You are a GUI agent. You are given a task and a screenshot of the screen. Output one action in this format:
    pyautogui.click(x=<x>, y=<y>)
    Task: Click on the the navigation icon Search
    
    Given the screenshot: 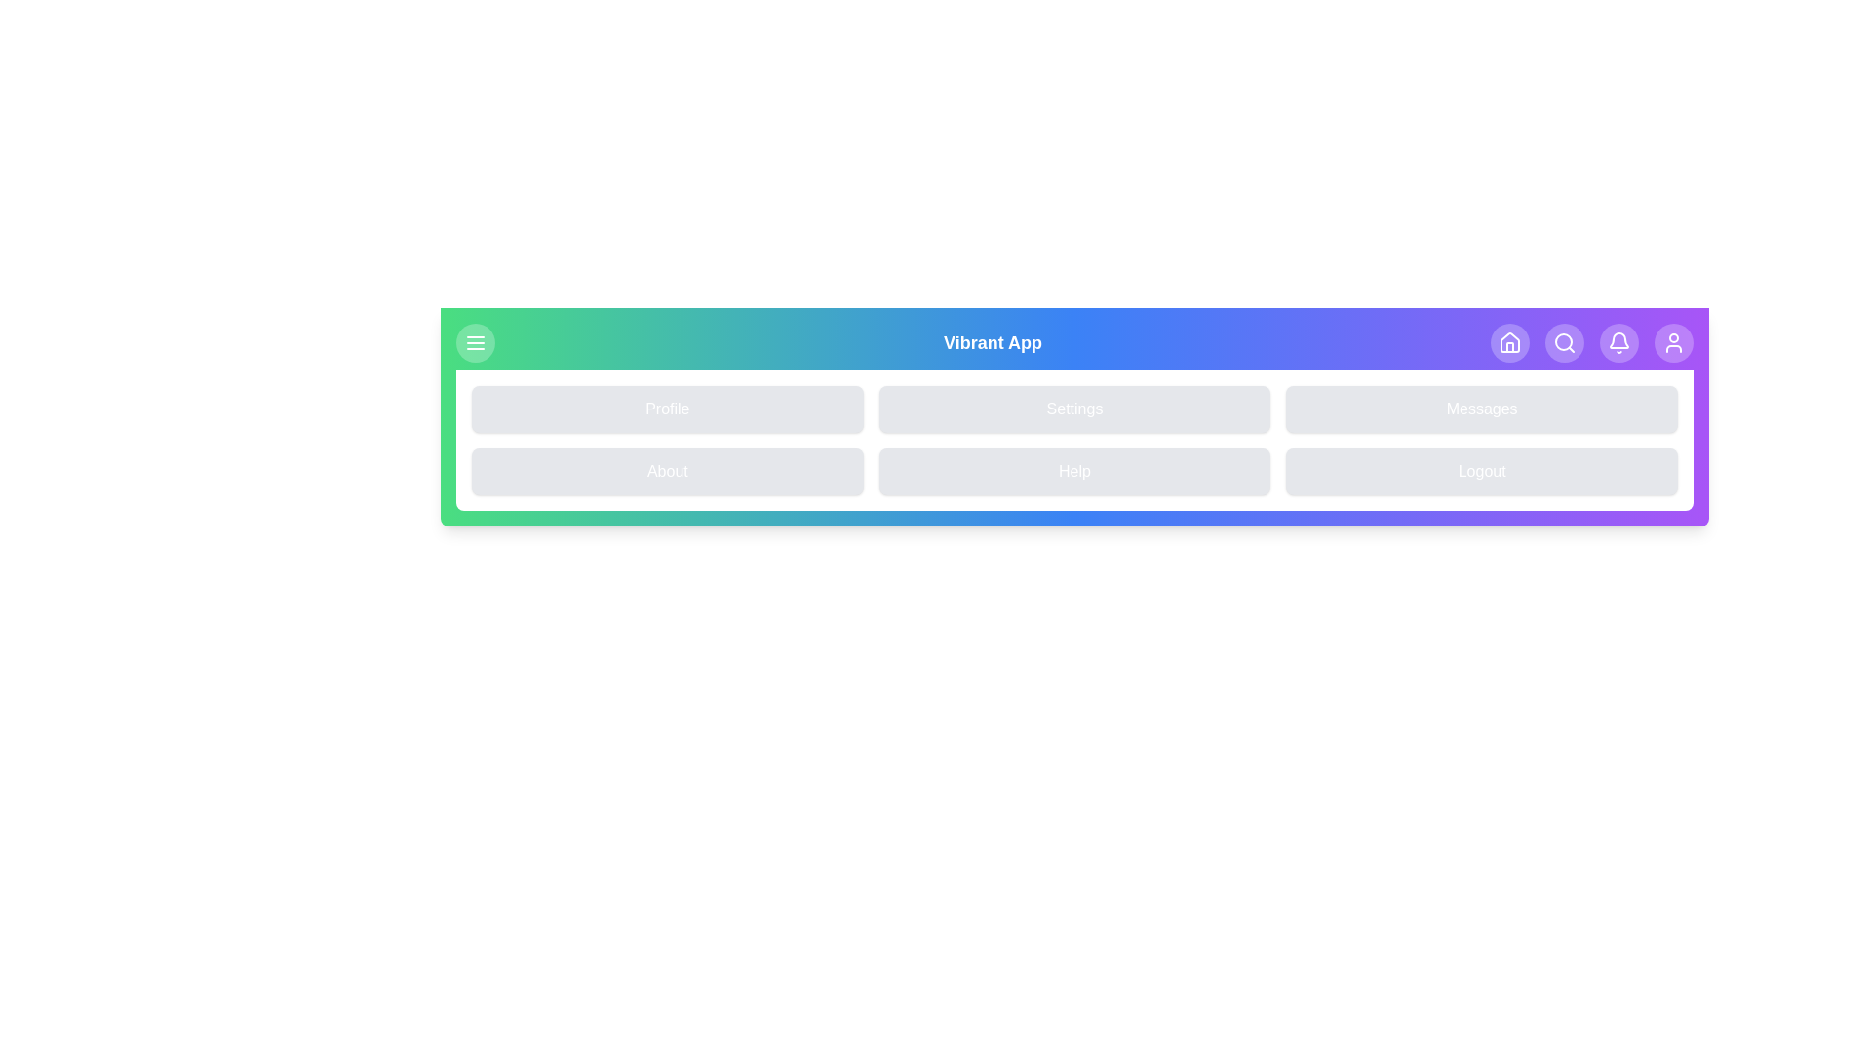 What is the action you would take?
    pyautogui.click(x=1564, y=341)
    